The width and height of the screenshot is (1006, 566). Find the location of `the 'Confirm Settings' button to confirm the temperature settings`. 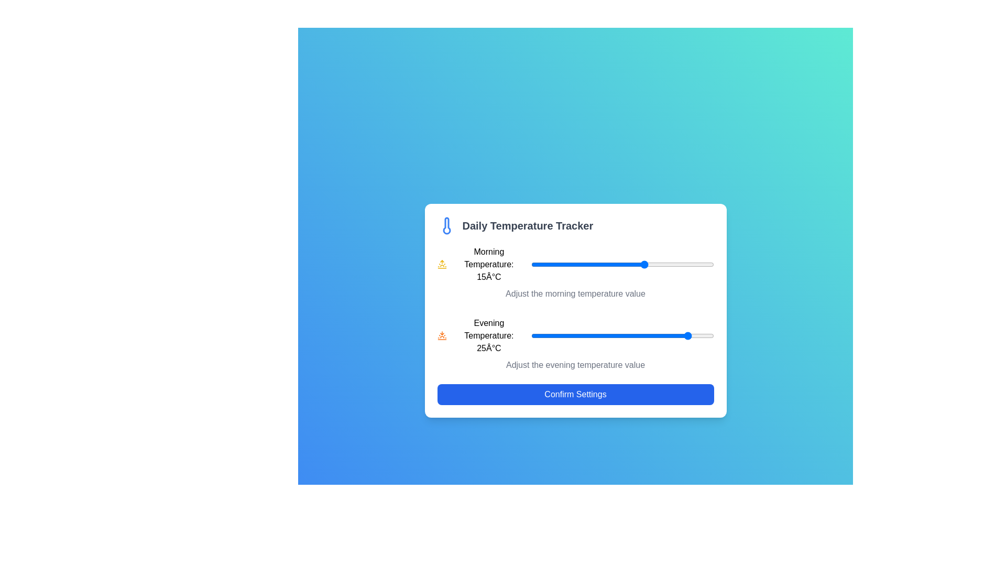

the 'Confirm Settings' button to confirm the temperature settings is located at coordinates (575, 394).